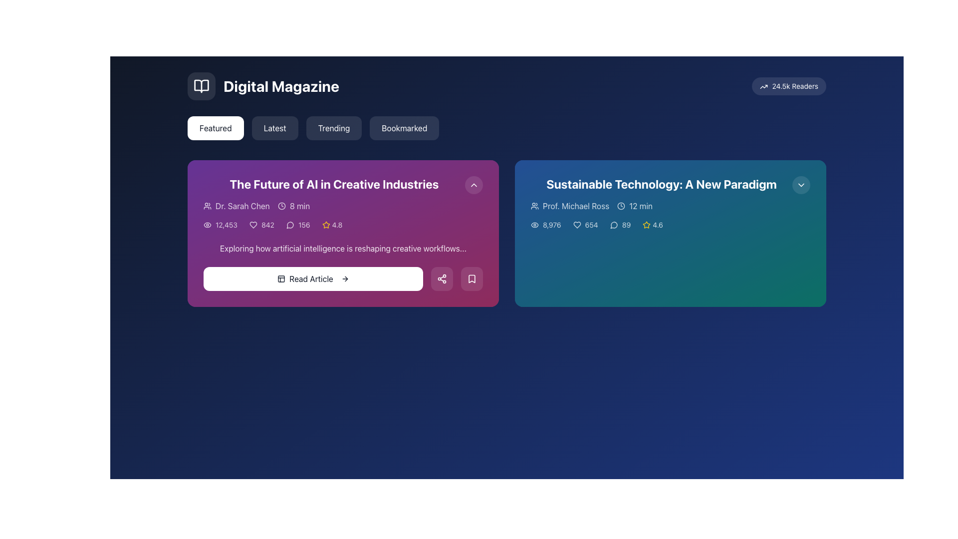  I want to click on the author's name text label within the blue-green card titled 'Sustainable Technology: A New Paradigm' if it is a link, so click(570, 205).